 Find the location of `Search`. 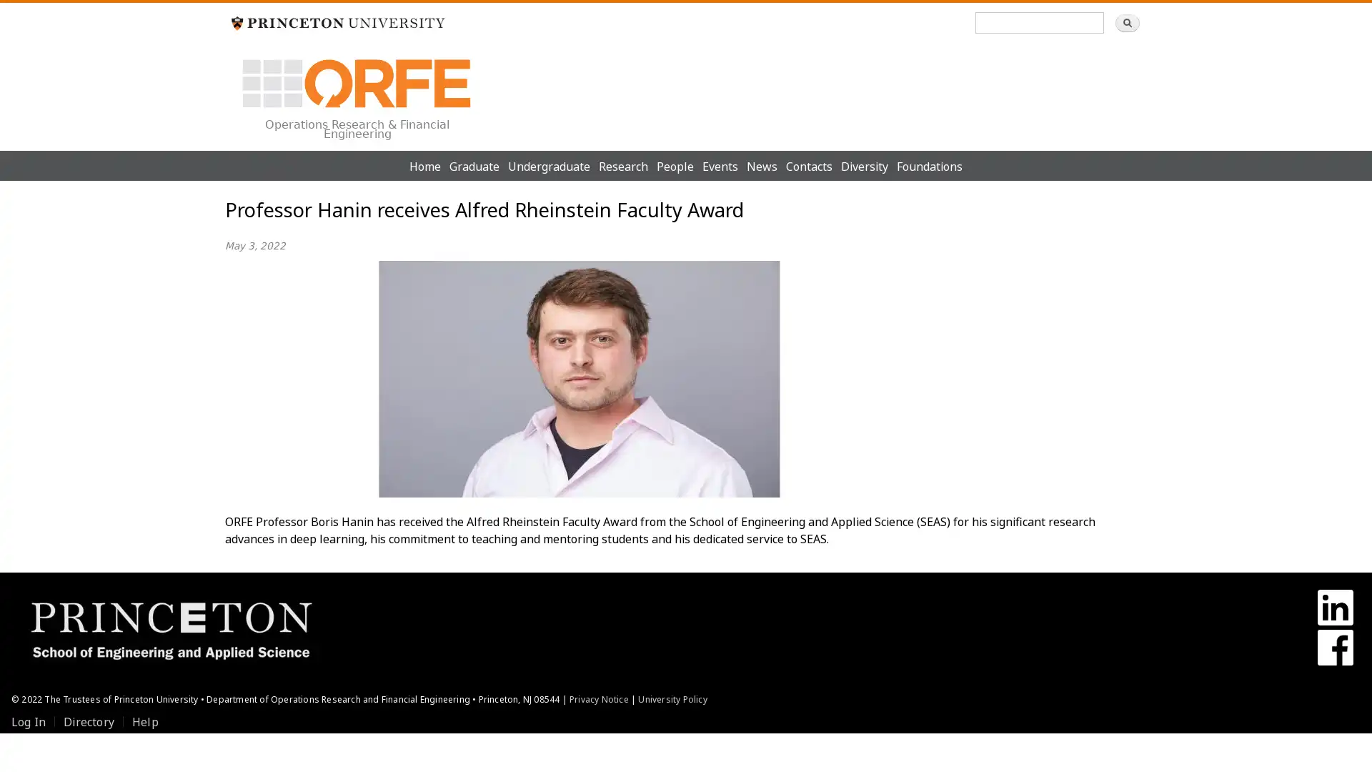

Search is located at coordinates (1127, 23).